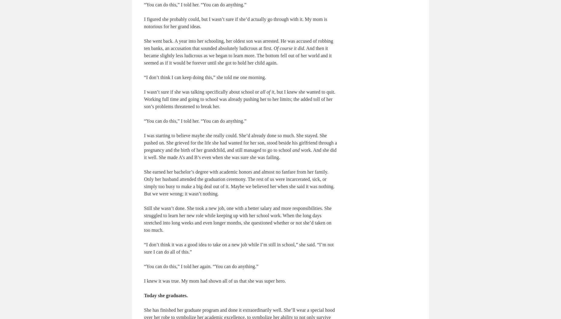  What do you see at coordinates (201, 266) in the screenshot?
I see `'“You can do this,” I told her again. “You can do anything.”'` at bounding box center [201, 266].